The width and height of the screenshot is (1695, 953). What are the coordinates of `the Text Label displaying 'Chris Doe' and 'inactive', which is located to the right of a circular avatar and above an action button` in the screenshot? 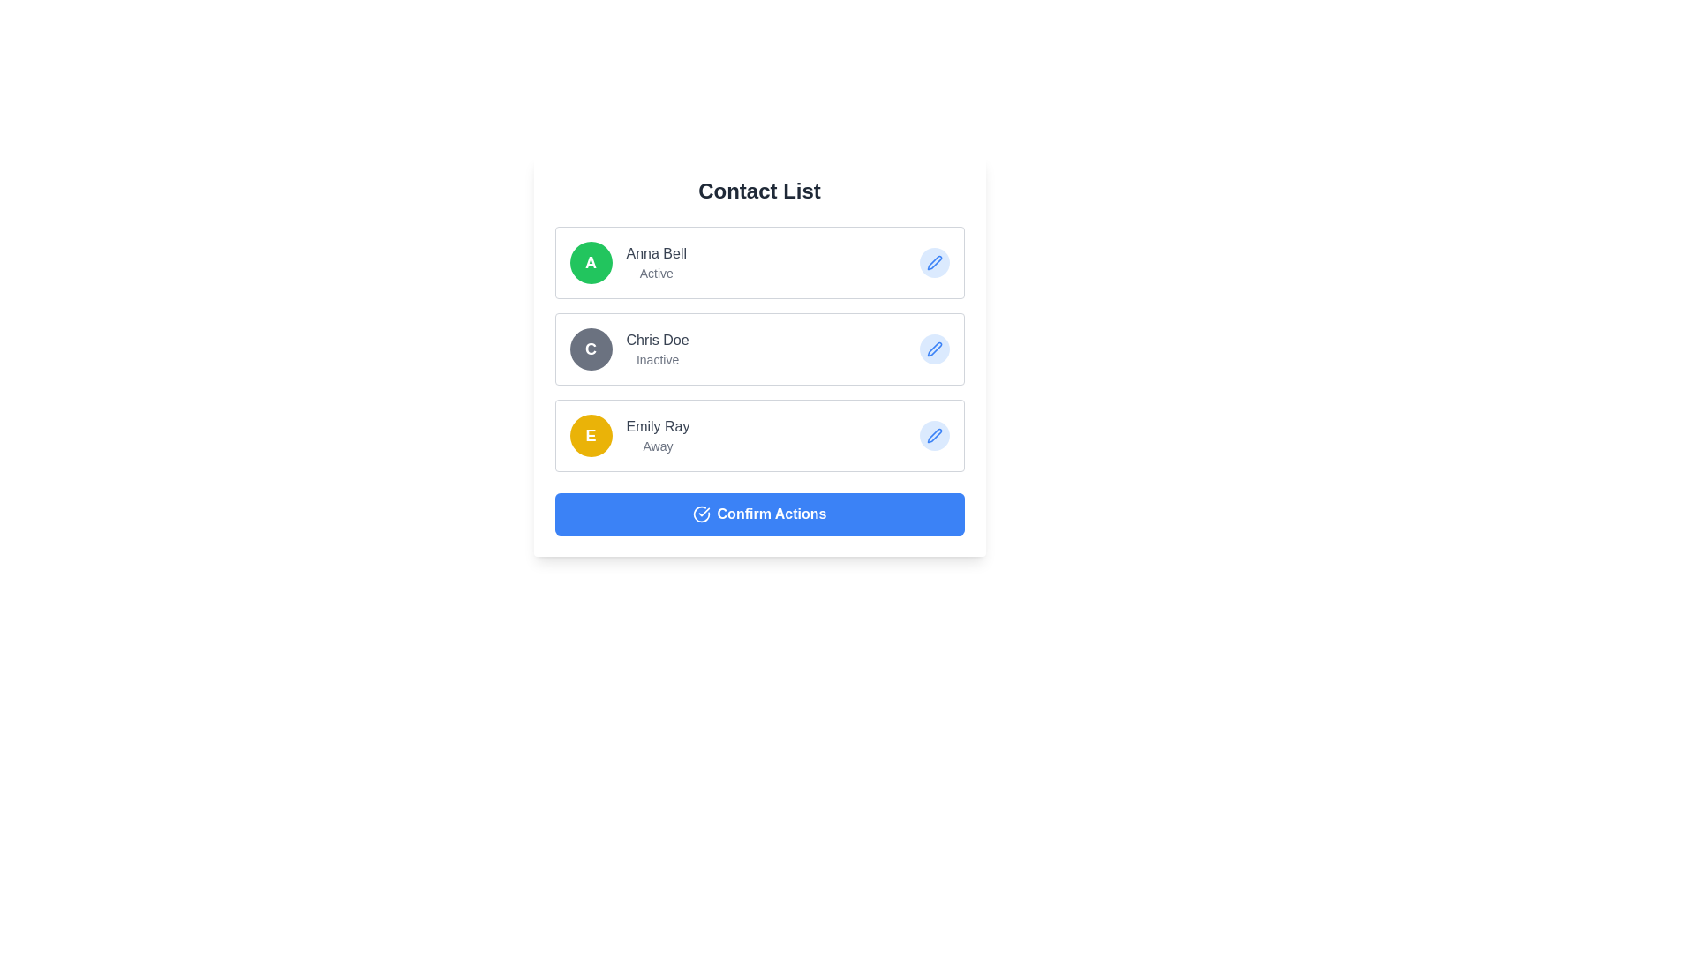 It's located at (657, 349).